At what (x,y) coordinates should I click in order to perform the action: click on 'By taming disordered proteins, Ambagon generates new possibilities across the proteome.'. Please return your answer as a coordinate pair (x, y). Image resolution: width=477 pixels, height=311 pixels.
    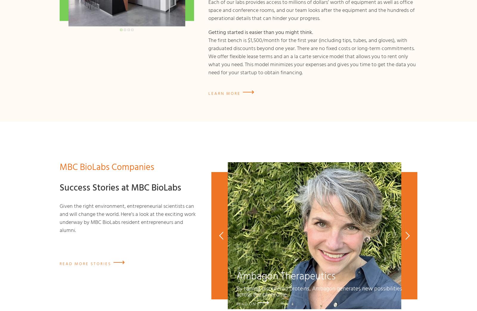
    Looking at the image, I should click on (236, 291).